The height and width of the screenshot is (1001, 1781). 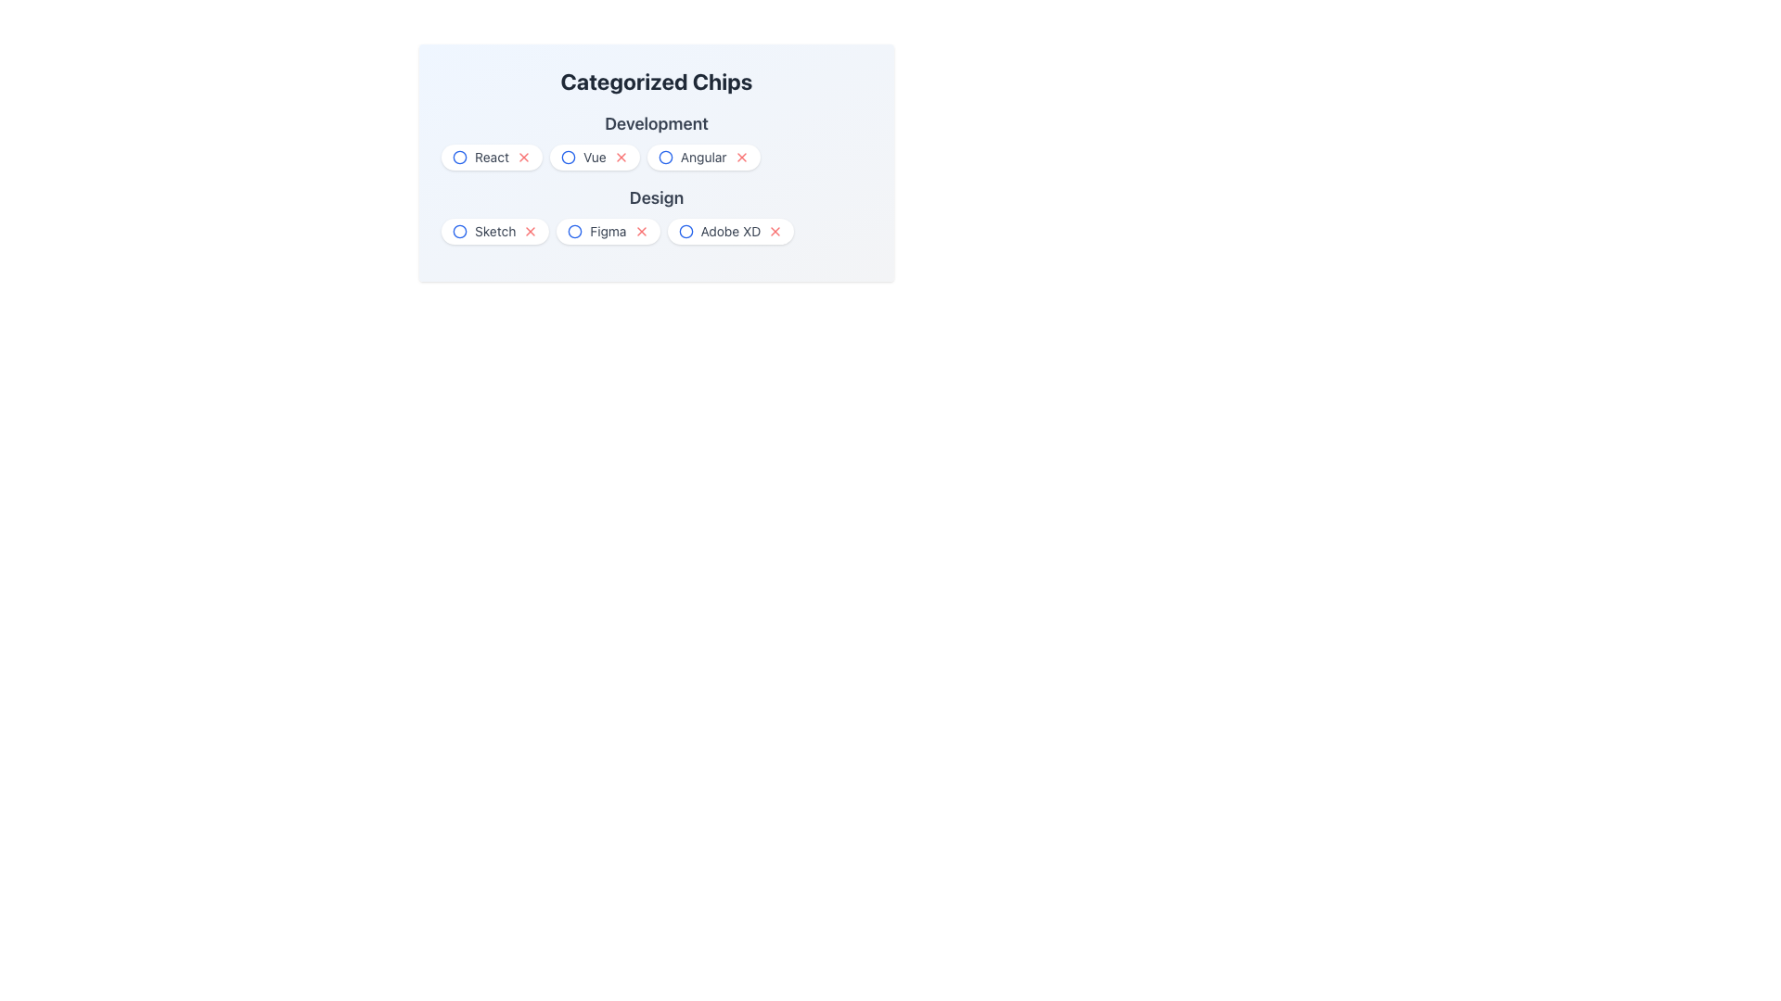 What do you see at coordinates (608, 231) in the screenshot?
I see `text label identifying the 'Figma' option within the selectable block labeled 'Design' in the categorized chips layout` at bounding box center [608, 231].